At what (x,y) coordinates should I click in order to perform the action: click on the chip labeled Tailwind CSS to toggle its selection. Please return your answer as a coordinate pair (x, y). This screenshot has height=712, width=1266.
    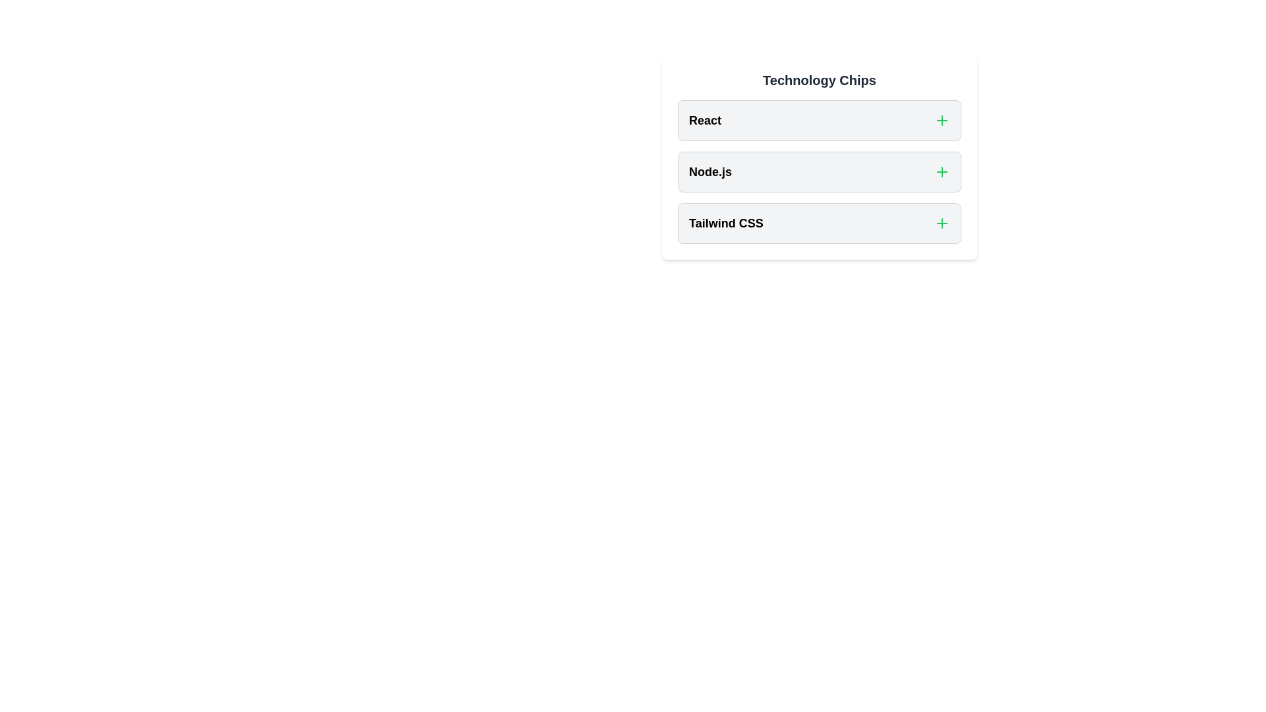
    Looking at the image, I should click on (819, 223).